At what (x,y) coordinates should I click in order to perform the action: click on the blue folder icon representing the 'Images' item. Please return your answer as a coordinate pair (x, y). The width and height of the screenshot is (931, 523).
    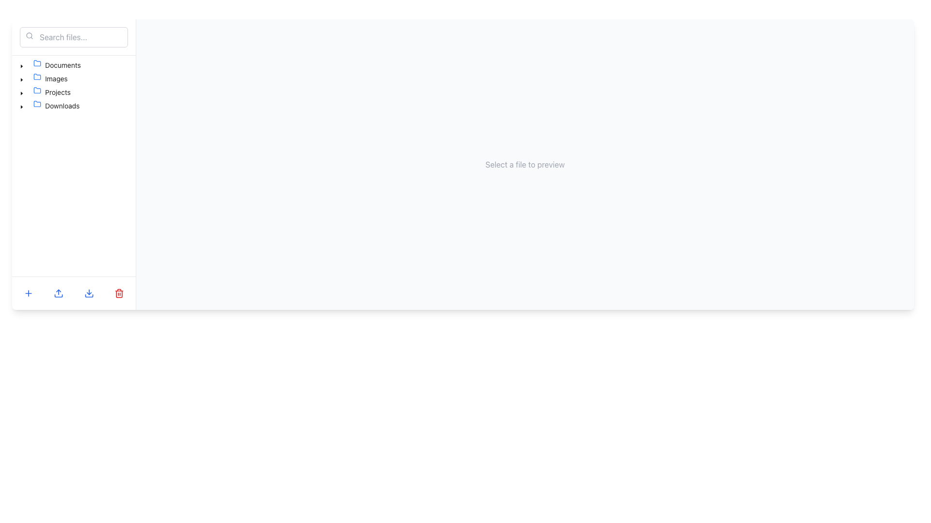
    Looking at the image, I should click on (37, 76).